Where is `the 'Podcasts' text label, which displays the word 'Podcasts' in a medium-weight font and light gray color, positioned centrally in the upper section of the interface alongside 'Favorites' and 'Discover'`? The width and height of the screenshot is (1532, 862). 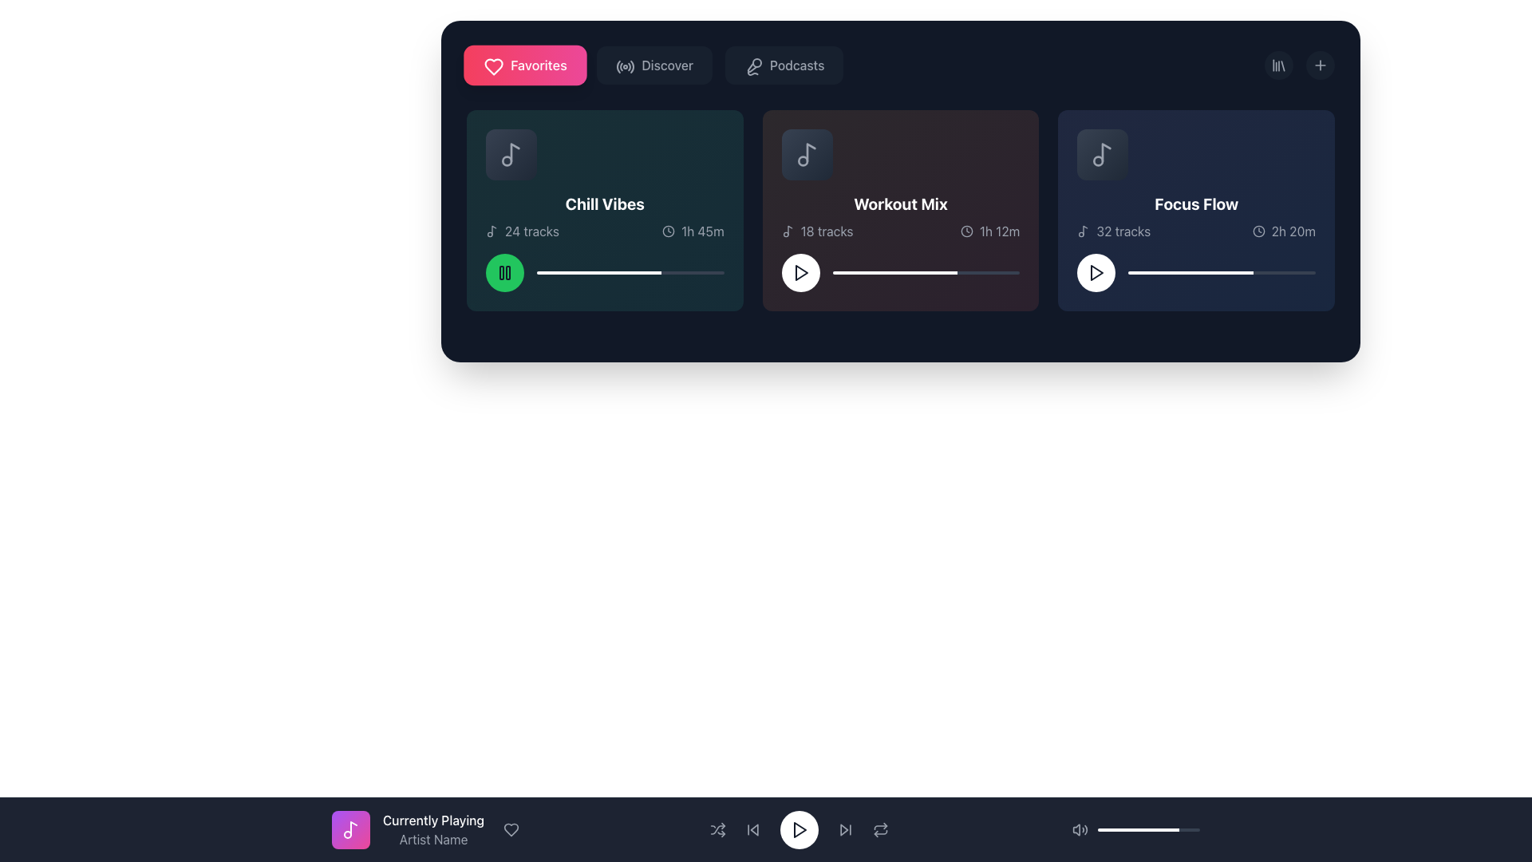
the 'Podcasts' text label, which displays the word 'Podcasts' in a medium-weight font and light gray color, positioned centrally in the upper section of the interface alongside 'Favorites' and 'Discover' is located at coordinates (797, 64).